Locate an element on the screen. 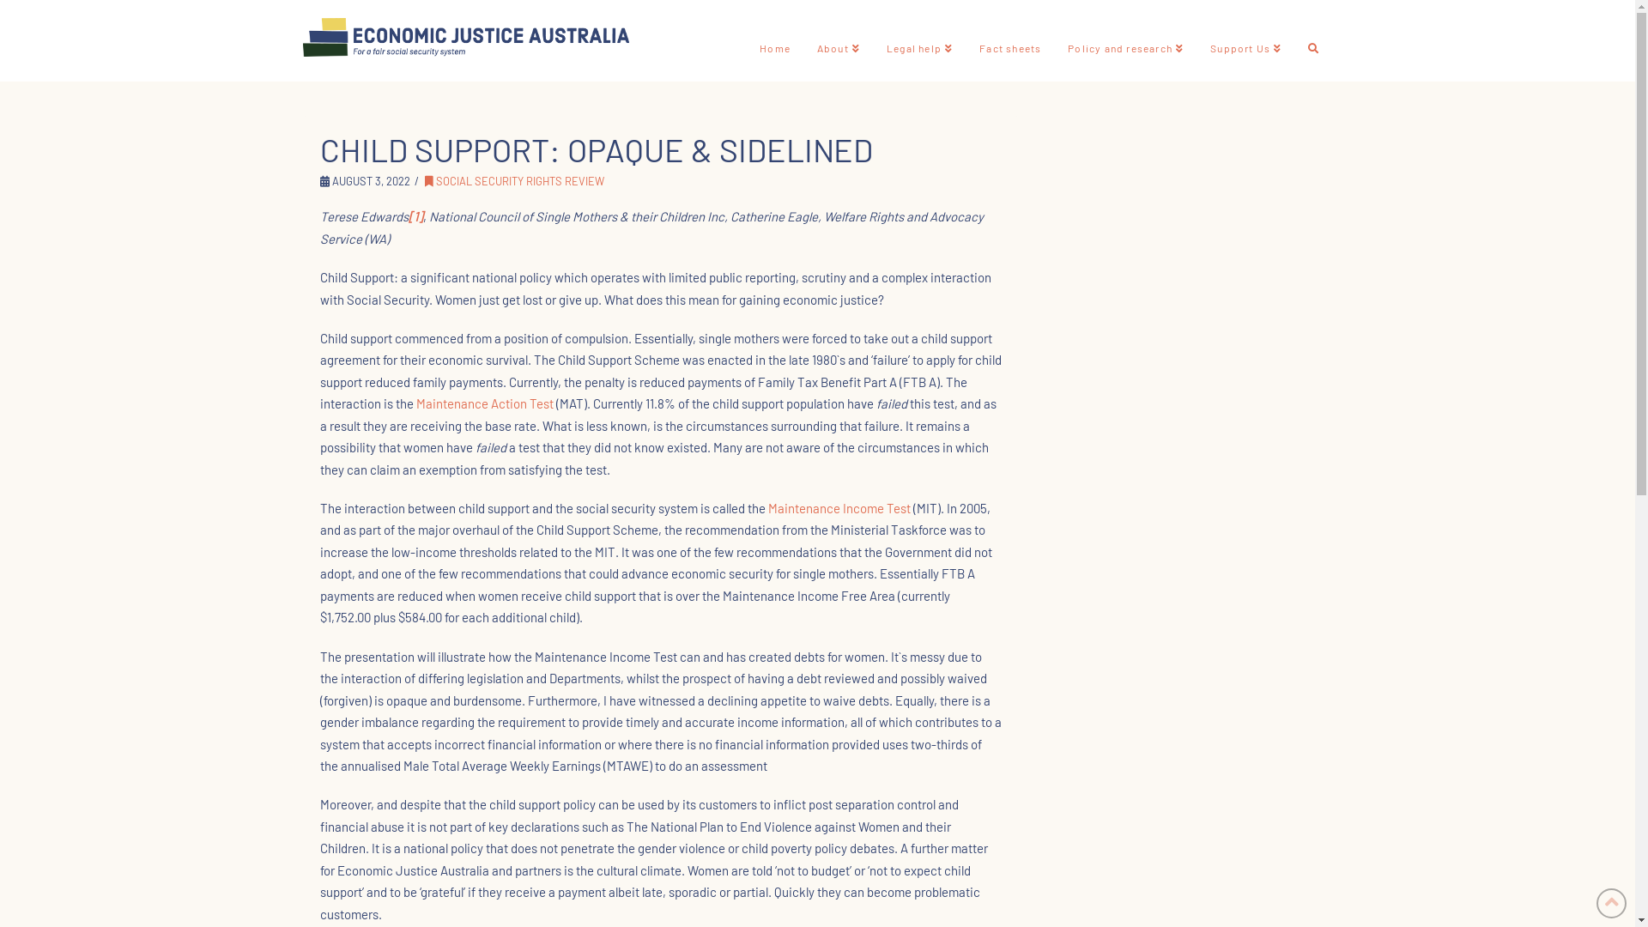 The height and width of the screenshot is (927, 1648). 'Fact sheets' is located at coordinates (1009, 39).